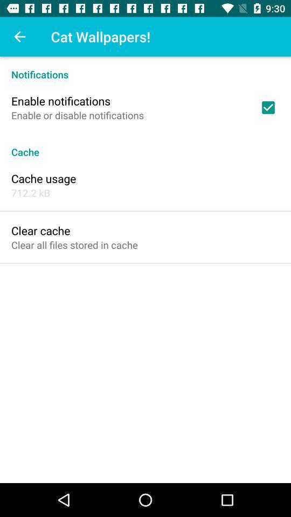  Describe the element at coordinates (77, 115) in the screenshot. I see `enable or disable icon` at that location.